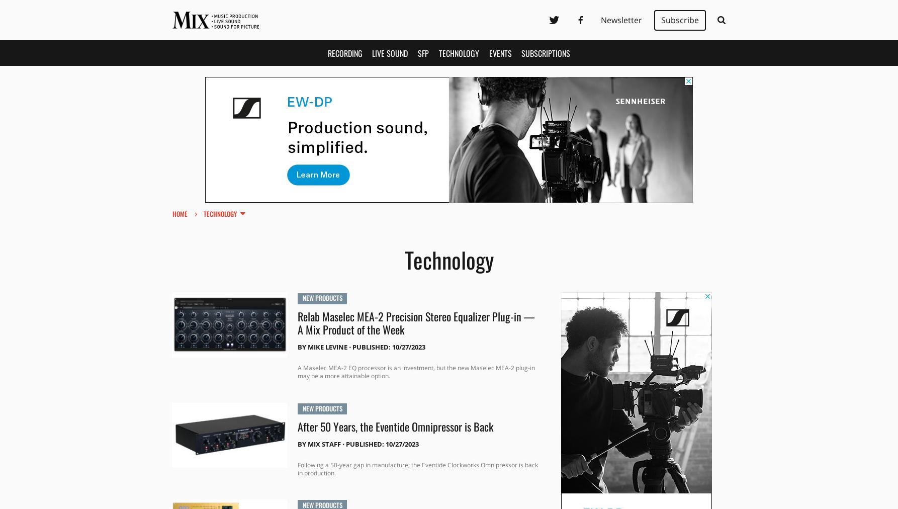 This screenshot has width=898, height=509. Describe the element at coordinates (344, 52) in the screenshot. I see `'Recording'` at that location.